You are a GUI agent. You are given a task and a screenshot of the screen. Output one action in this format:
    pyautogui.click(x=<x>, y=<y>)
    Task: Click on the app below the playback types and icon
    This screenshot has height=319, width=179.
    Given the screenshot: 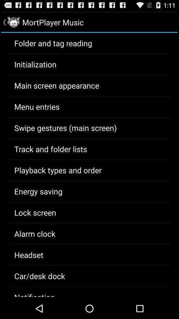 What is the action you would take?
    pyautogui.click(x=38, y=191)
    